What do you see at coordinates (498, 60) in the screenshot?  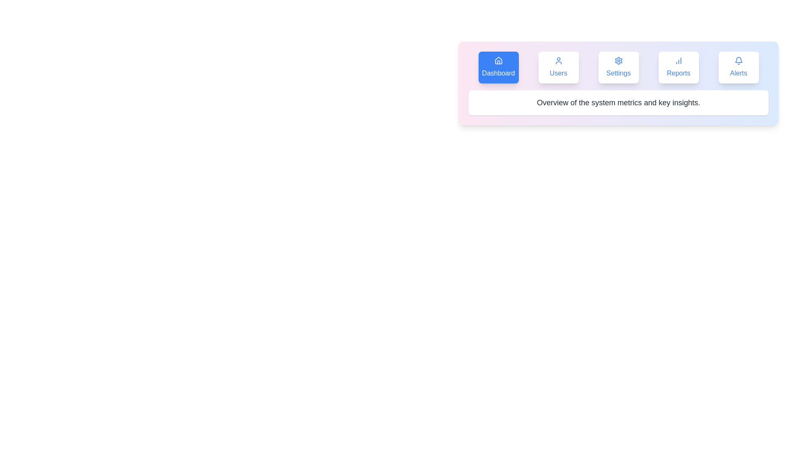 I see `the roof shape of the house-like icon that is part of the 'Dashboard' button in the top navigation bar` at bounding box center [498, 60].